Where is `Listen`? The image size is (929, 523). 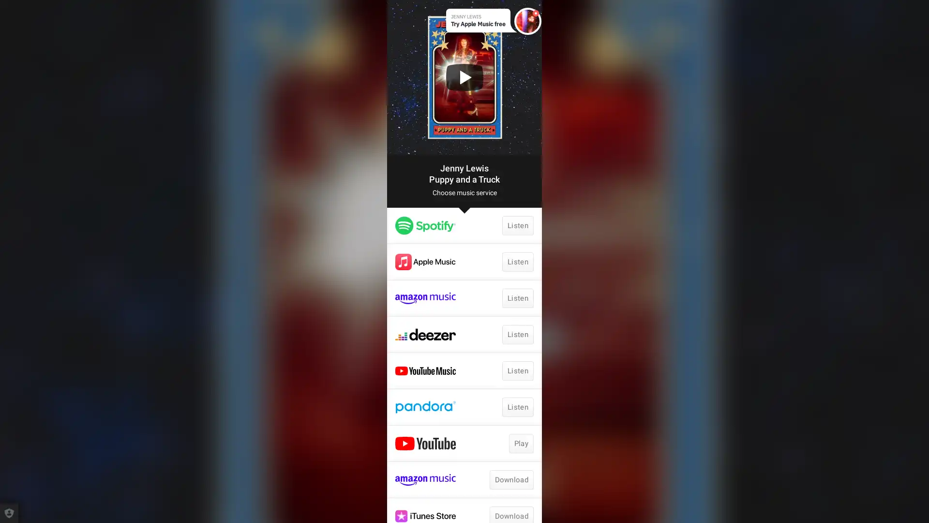
Listen is located at coordinates (517, 261).